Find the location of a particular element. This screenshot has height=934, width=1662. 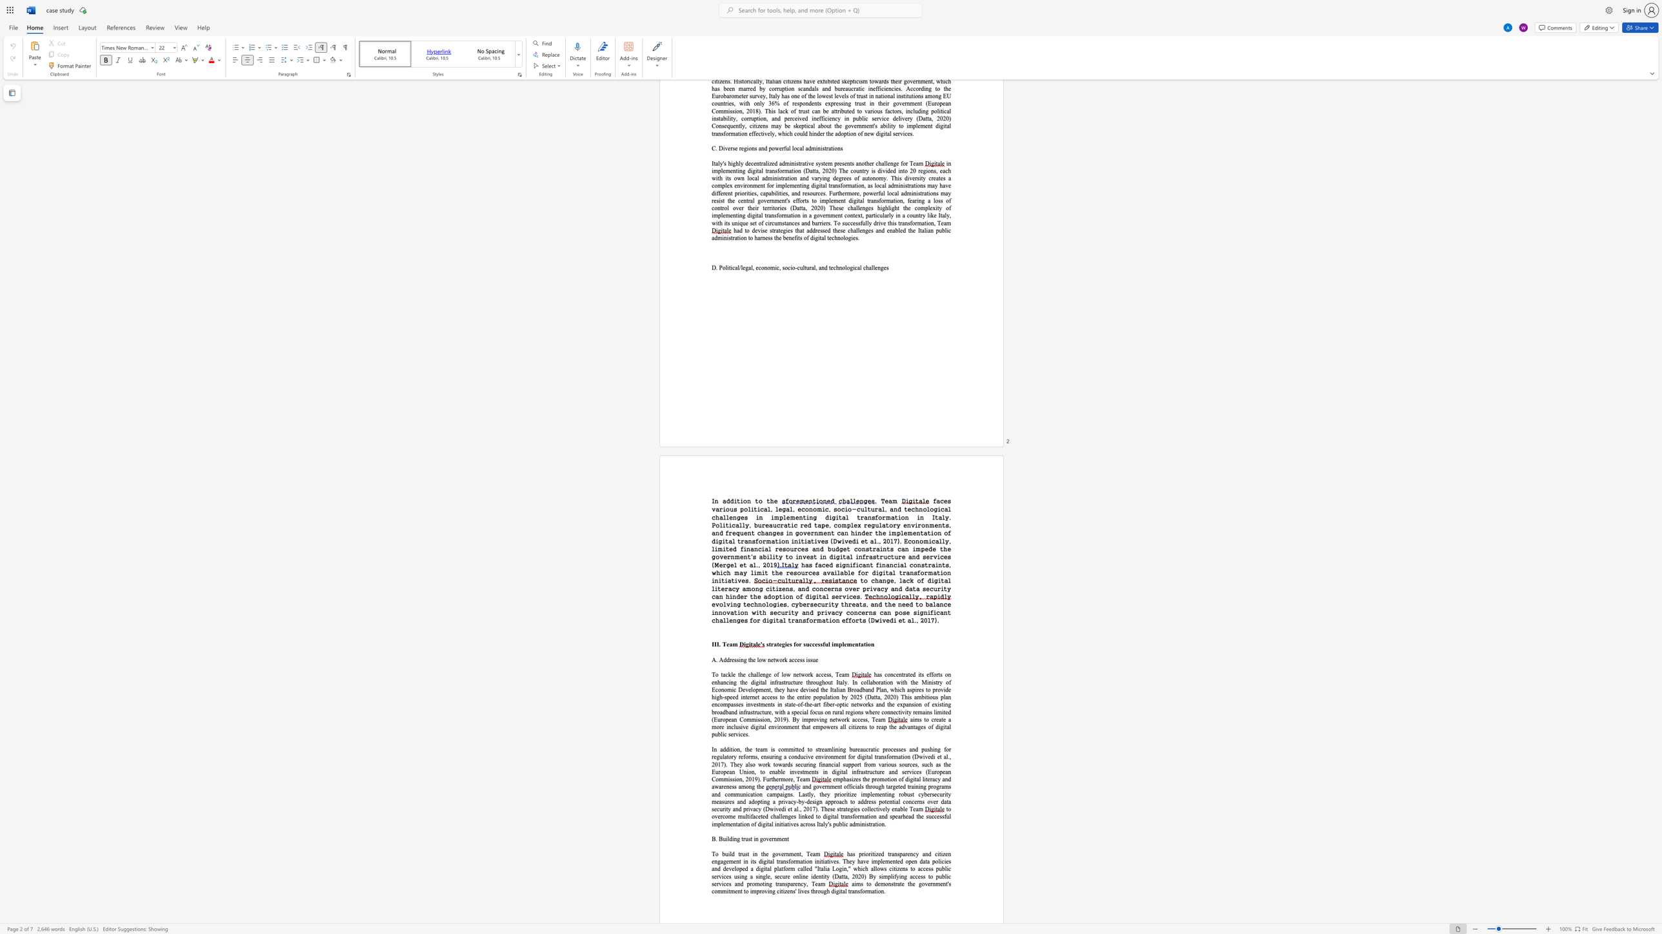

the subset text "al tra" within the text "ital transformation." is located at coordinates (842, 891).